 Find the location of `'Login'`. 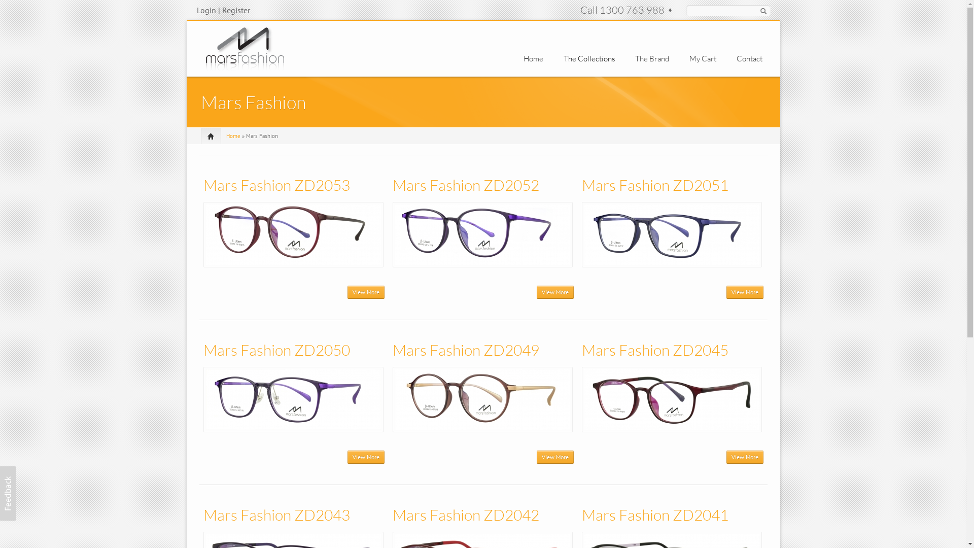

'Login' is located at coordinates (197, 10).